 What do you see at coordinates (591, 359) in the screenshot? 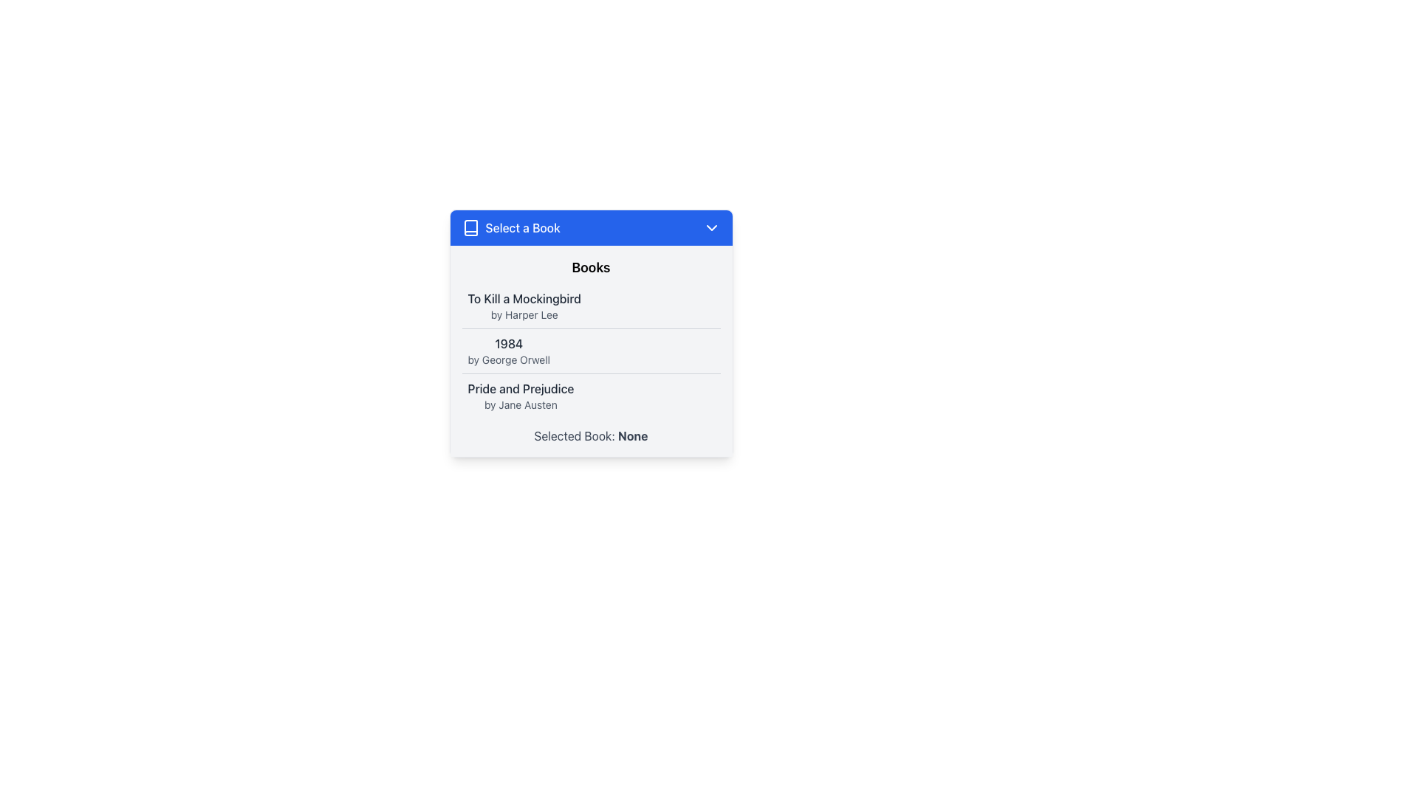
I see `the book options in the 'Select a Book' modal dialog box` at bounding box center [591, 359].